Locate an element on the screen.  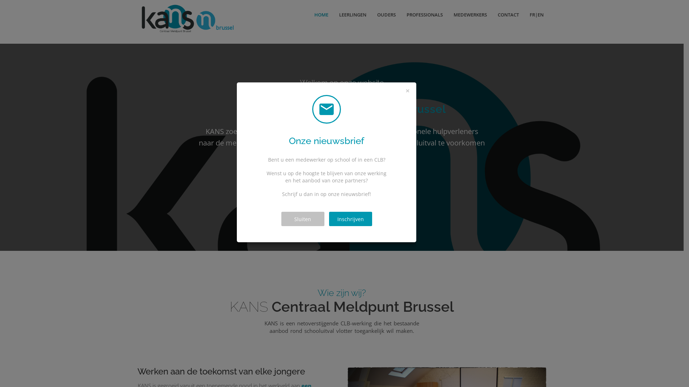
'FR|' is located at coordinates (531, 15).